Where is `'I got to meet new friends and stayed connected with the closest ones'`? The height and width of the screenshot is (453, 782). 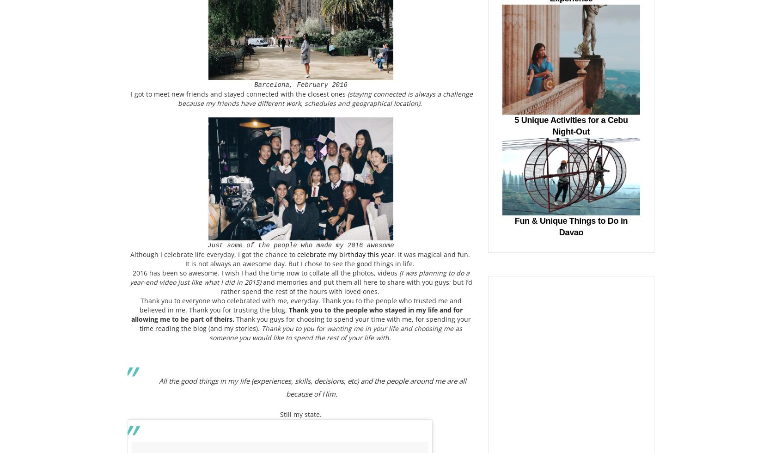
'I got to meet new friends and stayed connected with the closest ones' is located at coordinates (238, 93).